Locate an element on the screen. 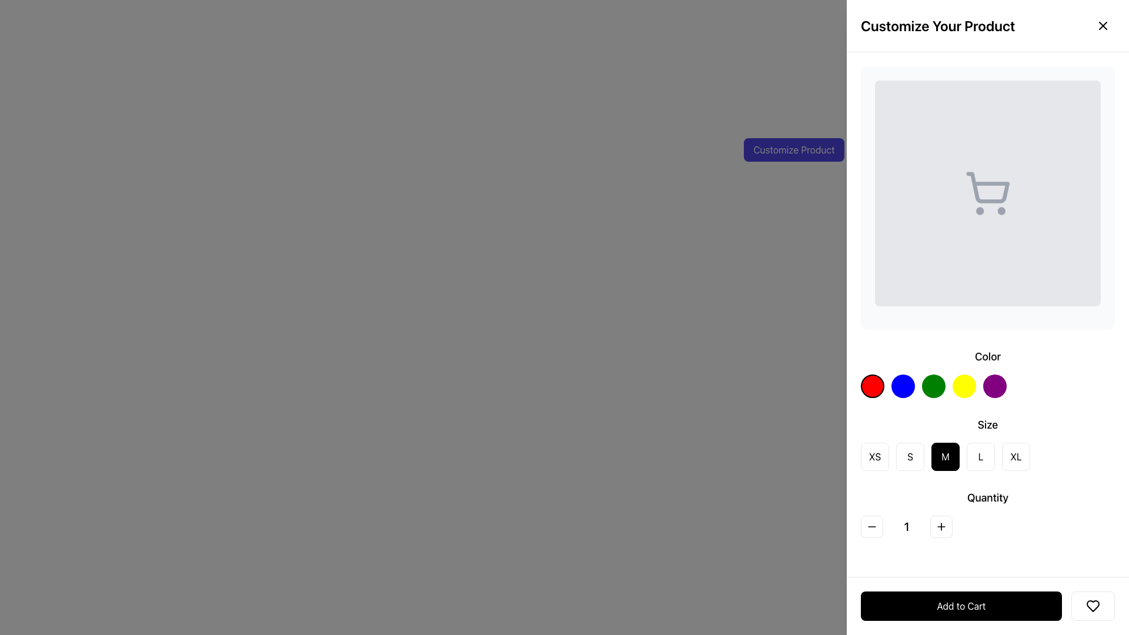 The width and height of the screenshot is (1129, 635). the favorite button located at the bottom-right corner of the panel, adjacent to the 'Add to Cart' button, to mark the item as favorite is located at coordinates (1092, 606).